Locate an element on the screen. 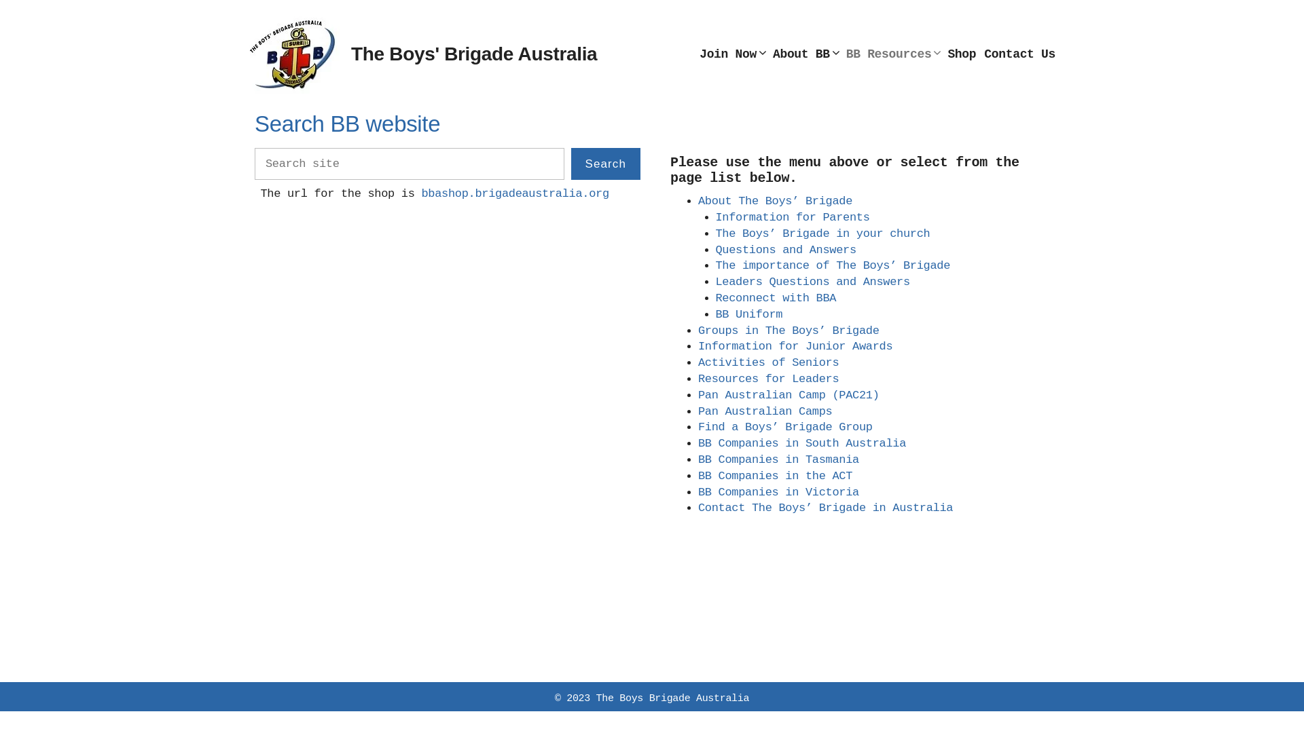  'Search' is located at coordinates (605, 164).